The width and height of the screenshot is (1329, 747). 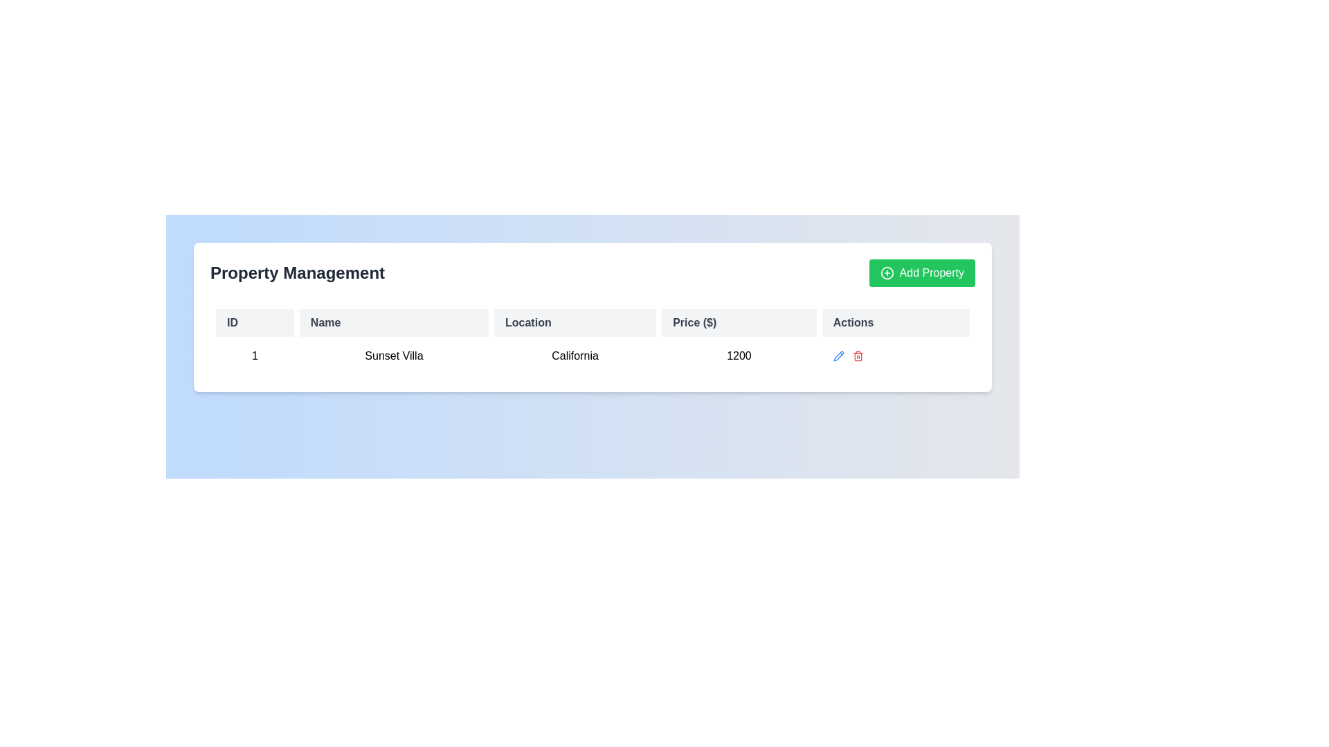 What do you see at coordinates (896, 356) in the screenshot?
I see `the action buttons and icons in the 'Actions' column of the first row in the table` at bounding box center [896, 356].